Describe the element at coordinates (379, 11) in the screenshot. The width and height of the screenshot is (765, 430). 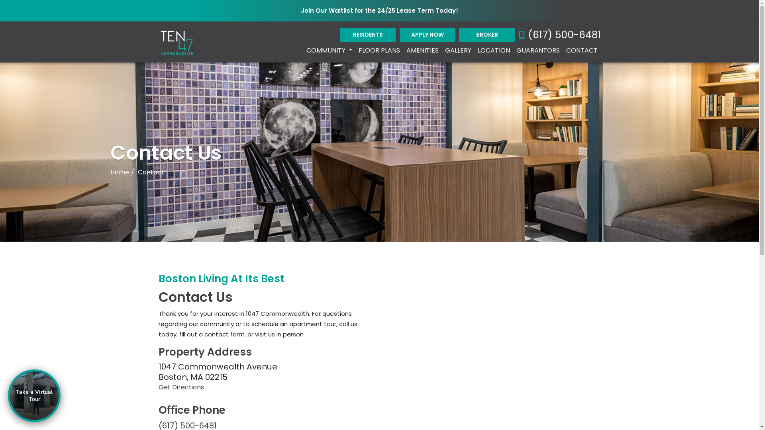
I see `'Join Our Waitlist for the 24/25 Lease Term Today!'` at that location.